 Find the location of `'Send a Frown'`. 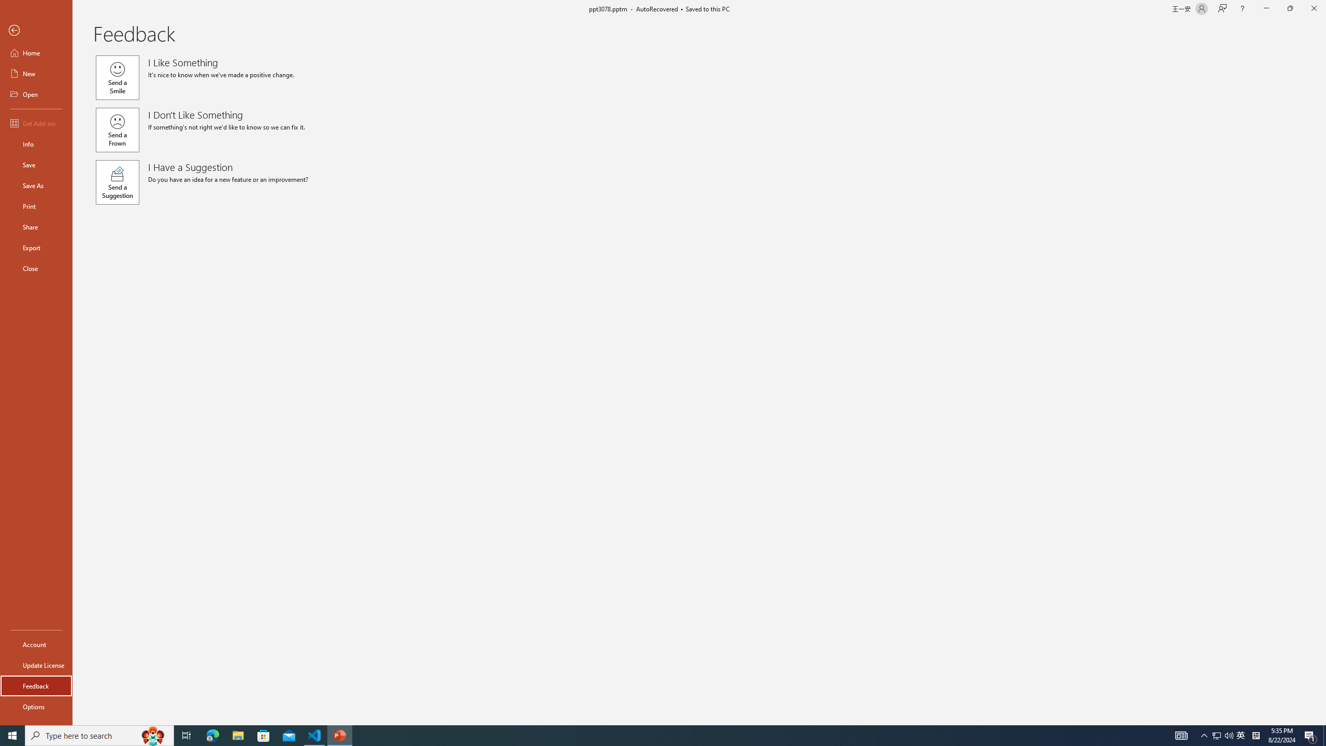

'Send a Frown' is located at coordinates (117, 129).